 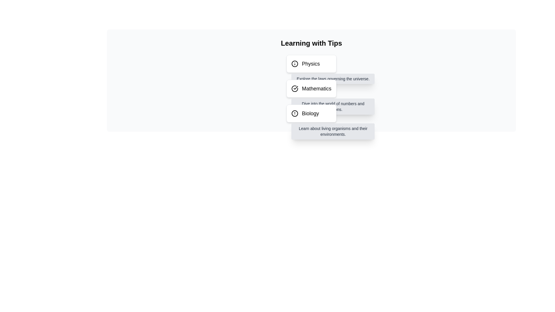 I want to click on descriptive text label about 'Physics' located just below the 'Physics' button, so click(x=333, y=79).